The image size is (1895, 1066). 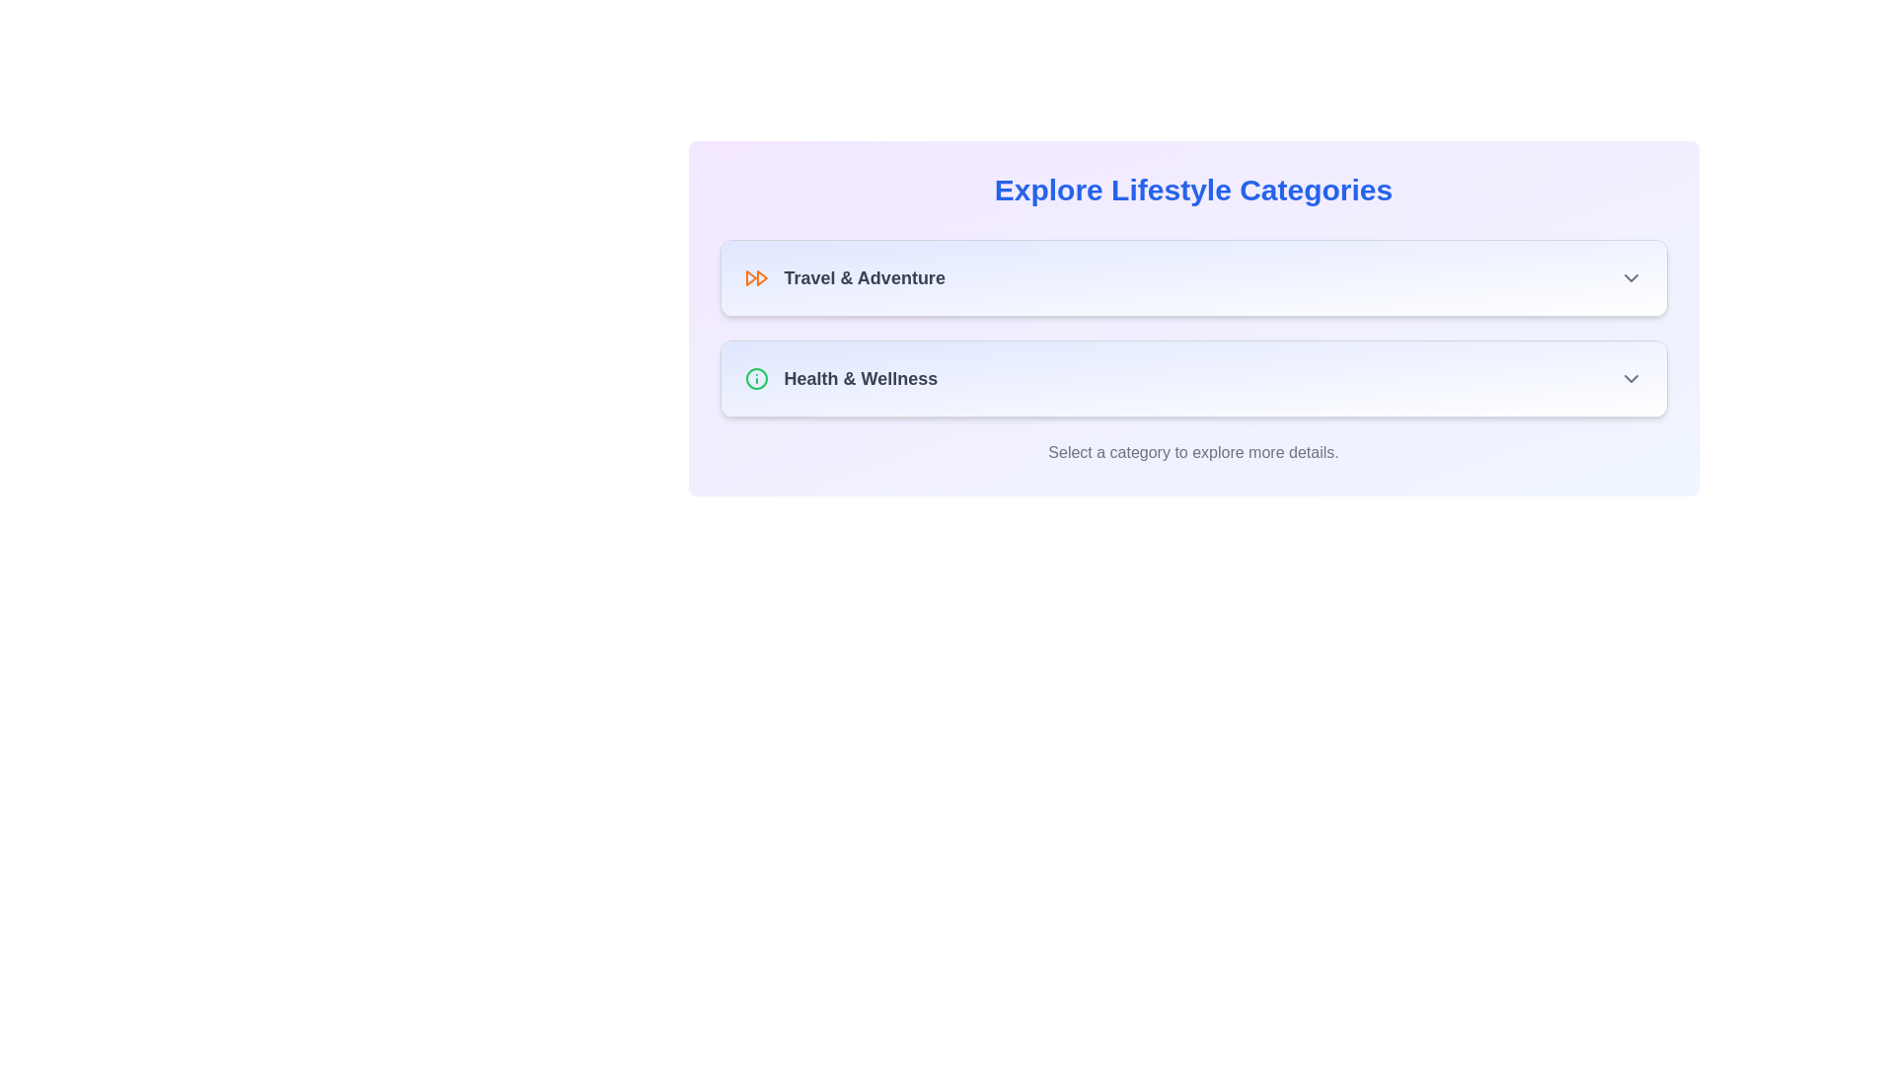 What do you see at coordinates (761, 277) in the screenshot?
I see `the fast-forward icon fragment located in the top section of the interface, next to the 'Travel & Adventure' label` at bounding box center [761, 277].